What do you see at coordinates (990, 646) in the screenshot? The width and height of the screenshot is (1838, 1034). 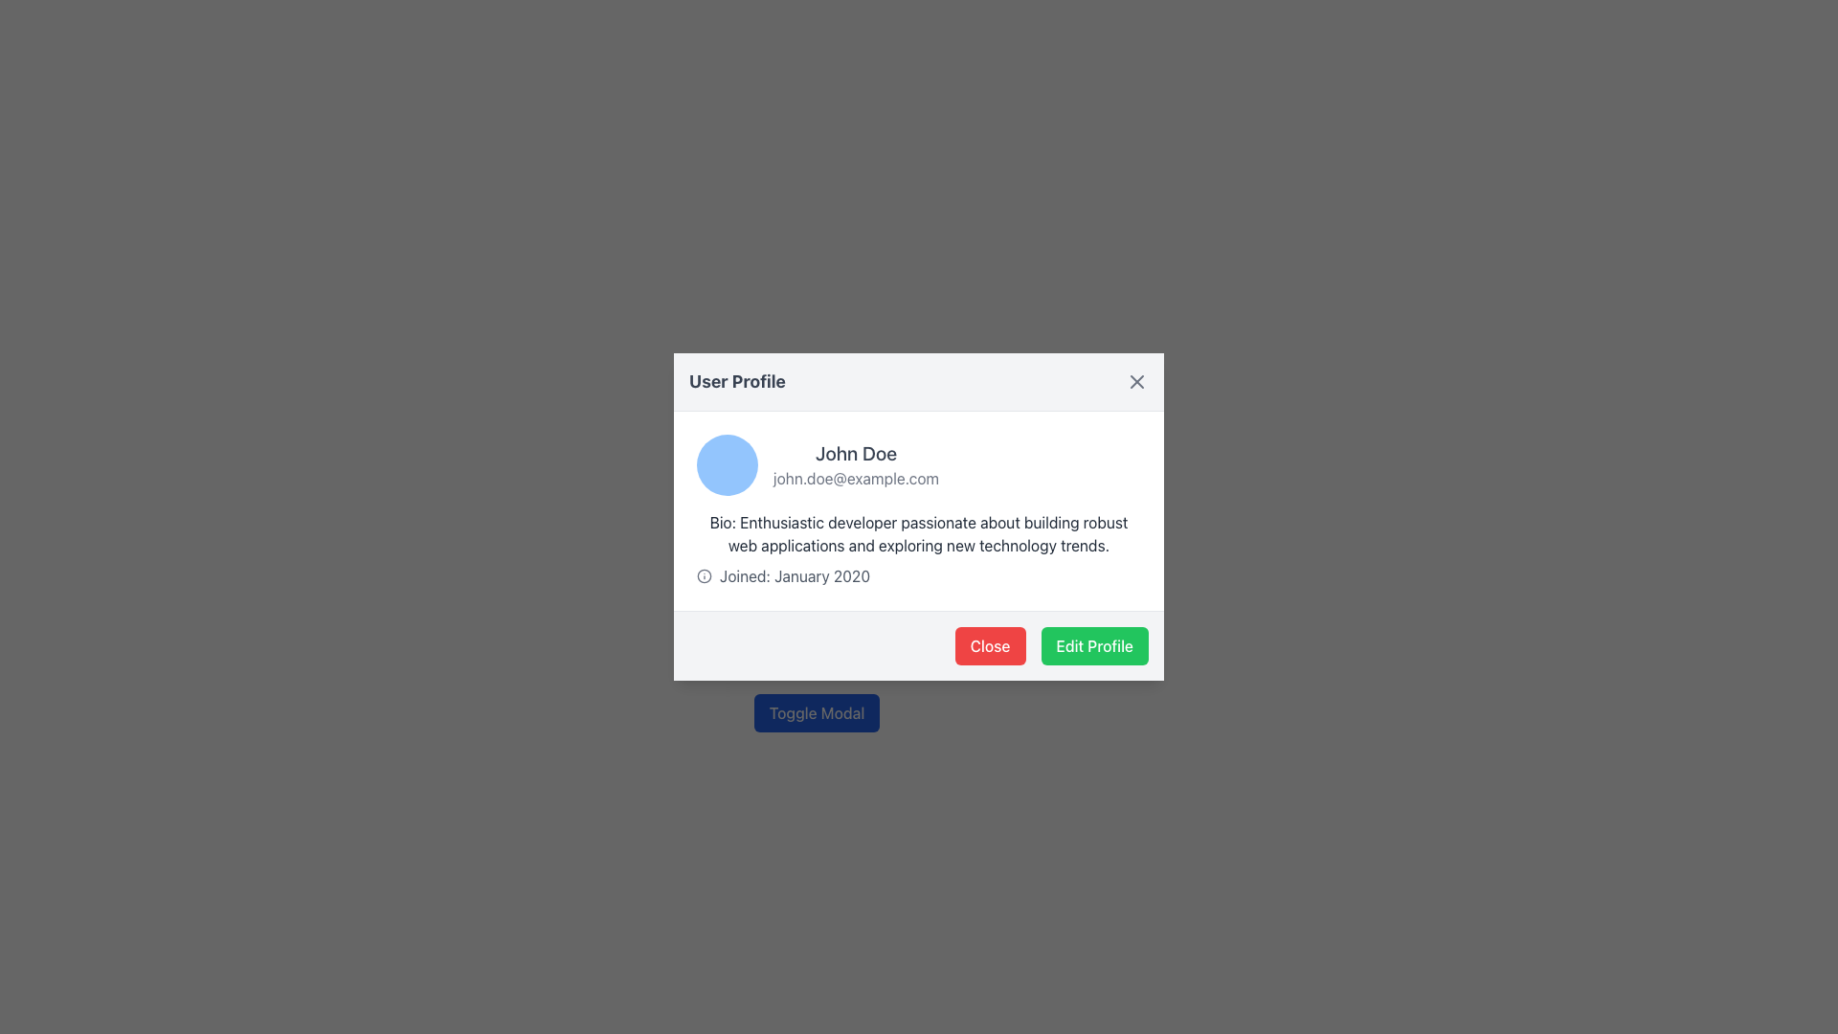 I see `the red 'Close' button with white text` at bounding box center [990, 646].